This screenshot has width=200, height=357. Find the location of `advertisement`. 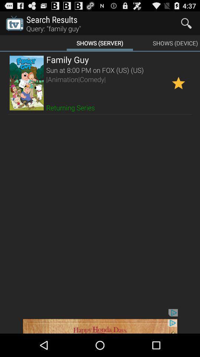

advertisement is located at coordinates (100, 321).